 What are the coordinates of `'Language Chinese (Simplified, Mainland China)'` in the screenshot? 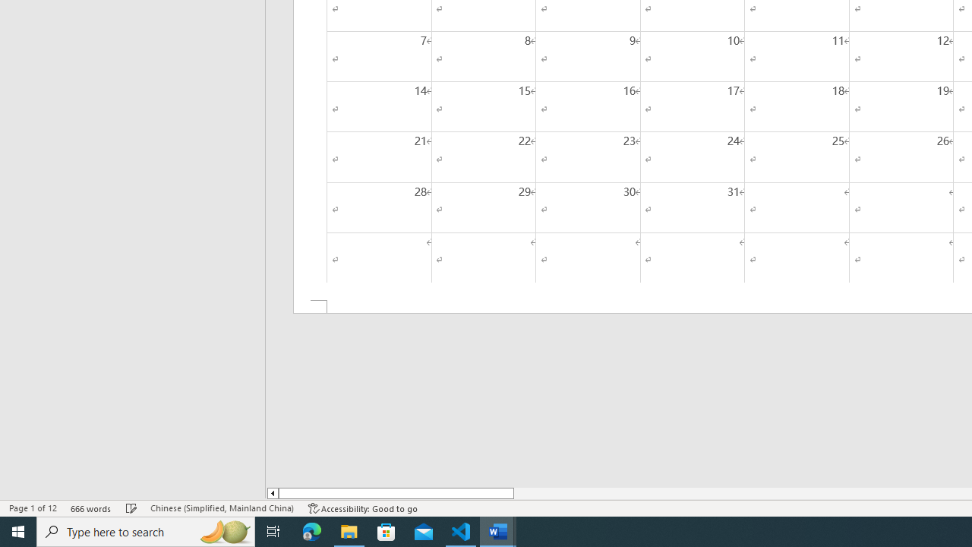 It's located at (221, 508).